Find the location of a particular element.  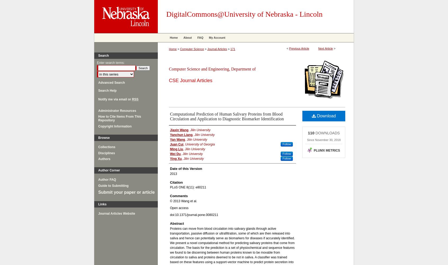

'Previous Article' is located at coordinates (299, 48).